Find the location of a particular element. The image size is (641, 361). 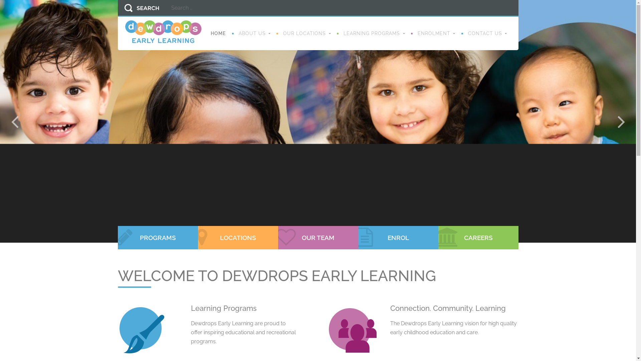

'PROGRAMS' is located at coordinates (117, 237).